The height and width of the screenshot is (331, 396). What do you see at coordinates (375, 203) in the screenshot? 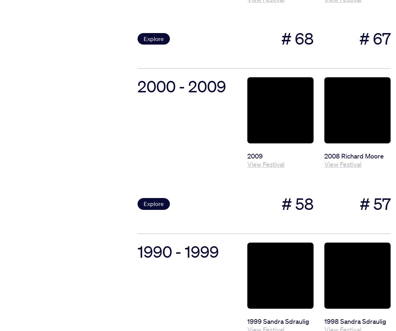
I see `'# 57'` at bounding box center [375, 203].